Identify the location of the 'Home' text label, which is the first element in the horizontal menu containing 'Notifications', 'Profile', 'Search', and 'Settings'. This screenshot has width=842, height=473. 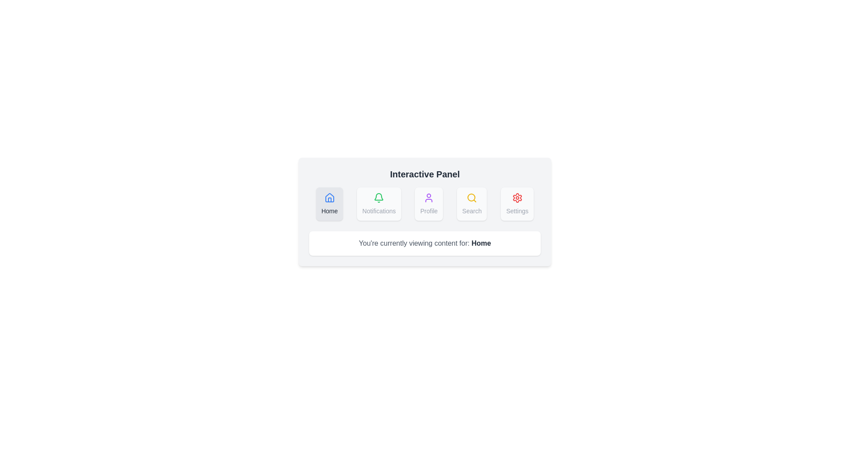
(329, 211).